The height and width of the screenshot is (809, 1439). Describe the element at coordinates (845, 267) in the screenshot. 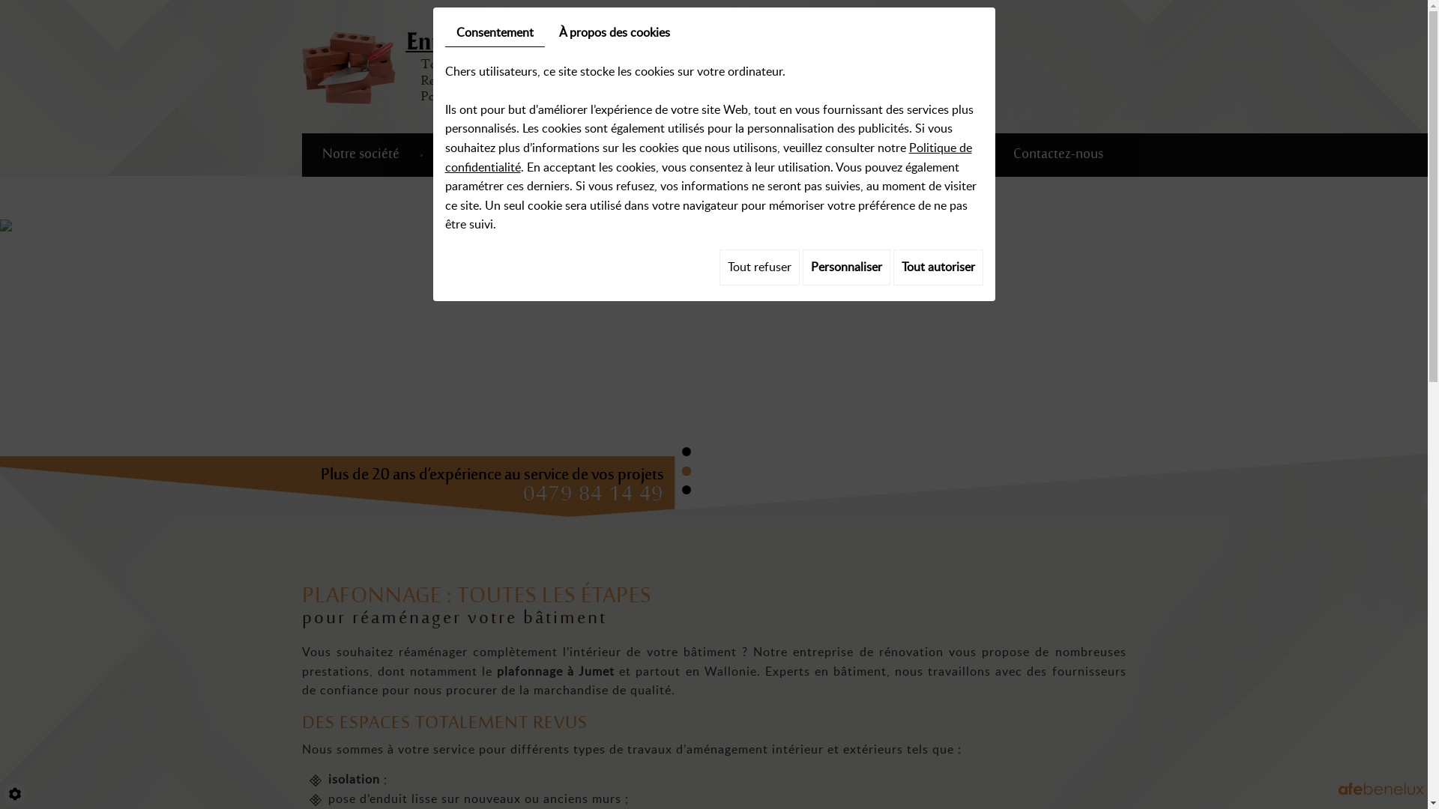

I see `'Personnaliser'` at that location.